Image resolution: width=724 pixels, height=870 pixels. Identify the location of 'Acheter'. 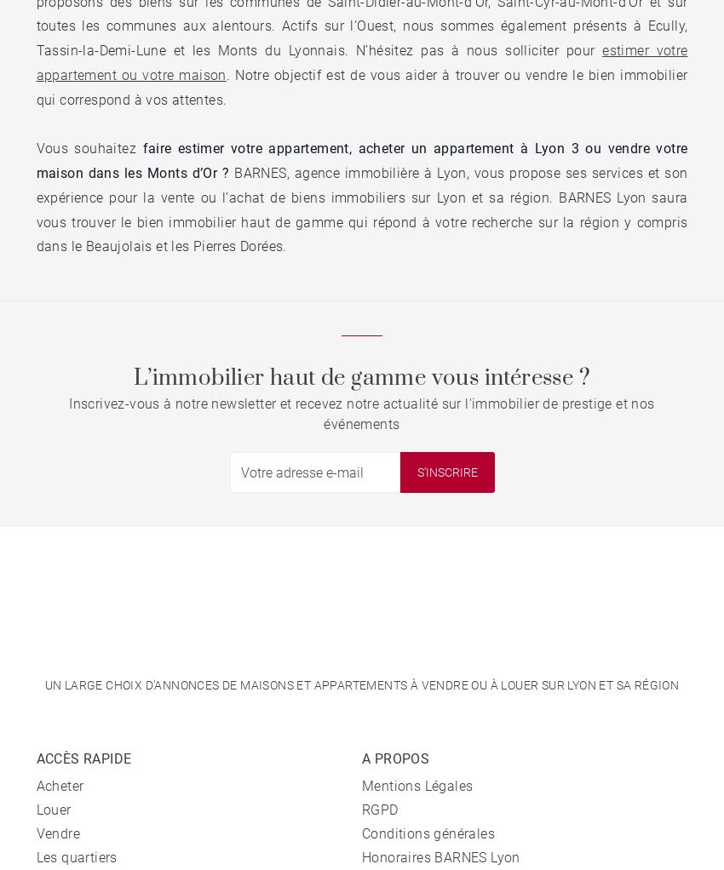
(60, 786).